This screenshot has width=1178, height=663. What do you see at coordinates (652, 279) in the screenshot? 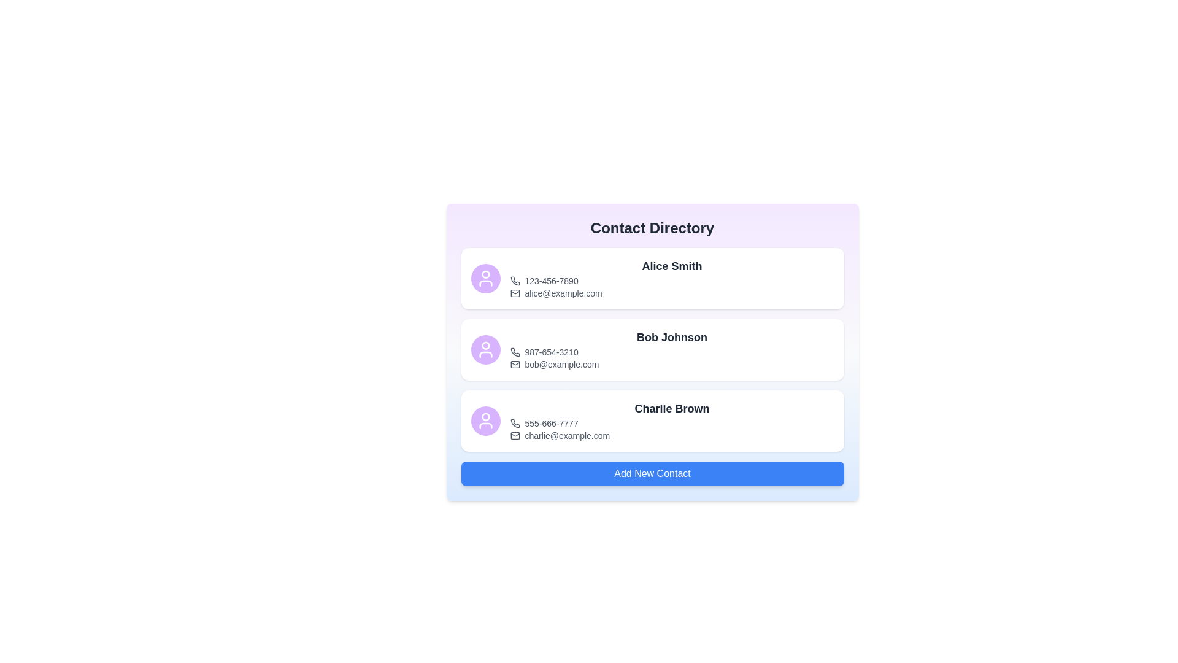
I see `the contact entry for Alice Smith` at bounding box center [652, 279].